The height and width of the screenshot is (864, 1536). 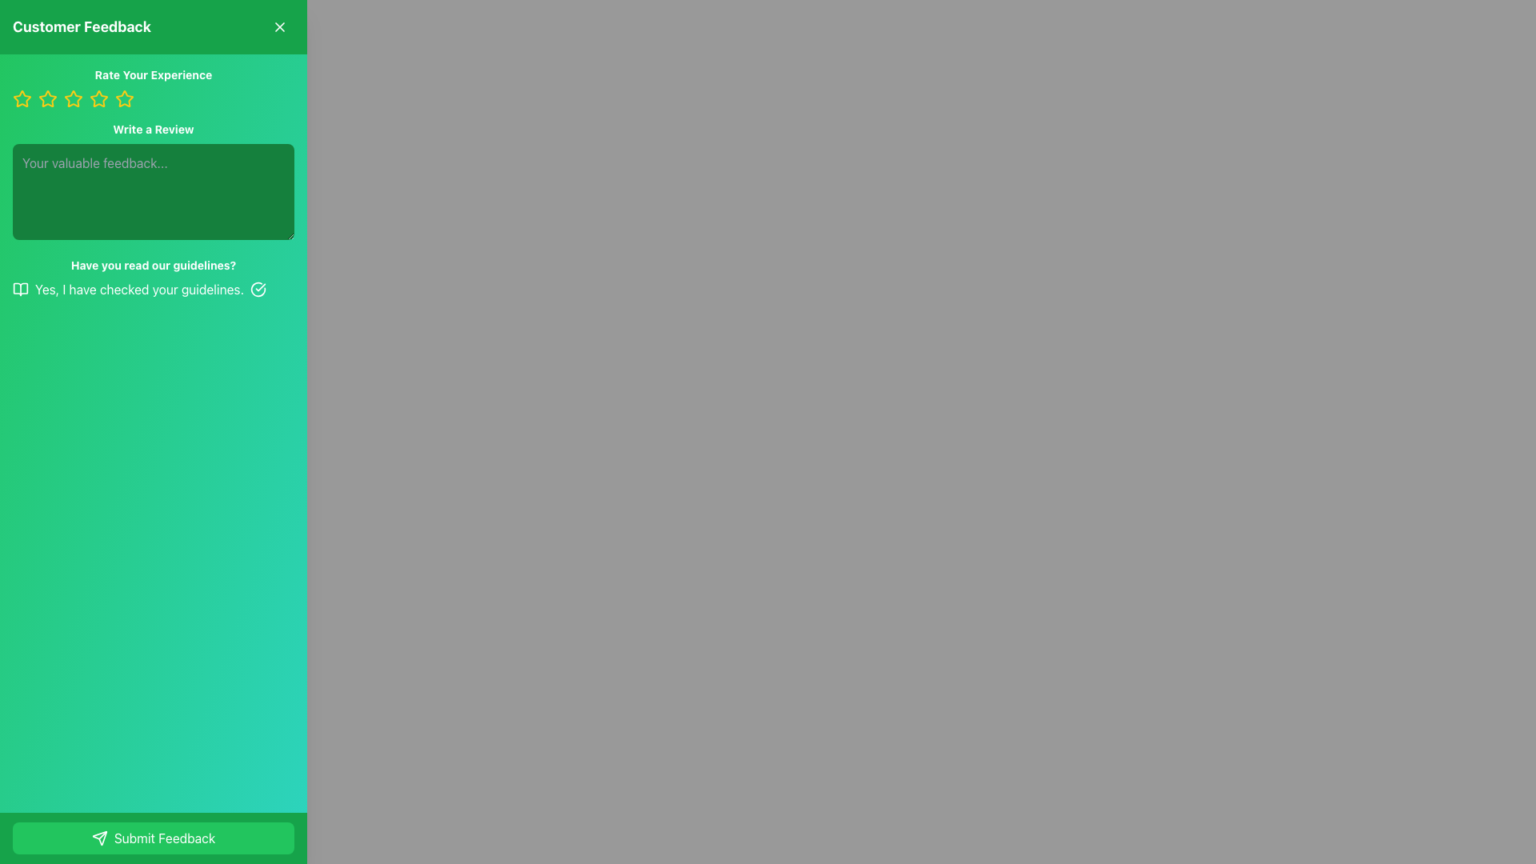 I want to click on the fifth star icon in the 'Rate Your Experience' section, so click(x=124, y=98).